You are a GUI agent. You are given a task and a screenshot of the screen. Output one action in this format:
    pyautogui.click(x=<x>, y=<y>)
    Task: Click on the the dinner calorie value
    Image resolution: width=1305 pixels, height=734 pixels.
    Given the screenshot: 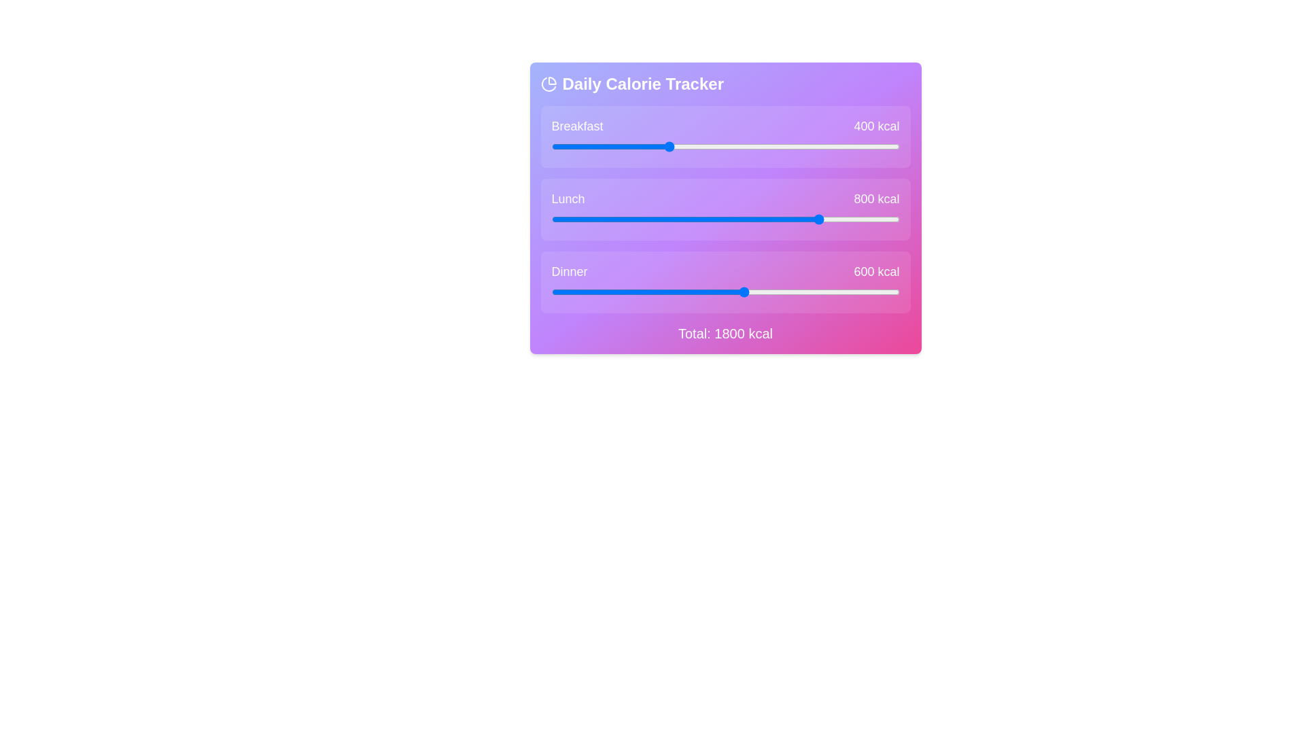 What is the action you would take?
    pyautogui.click(x=885, y=291)
    